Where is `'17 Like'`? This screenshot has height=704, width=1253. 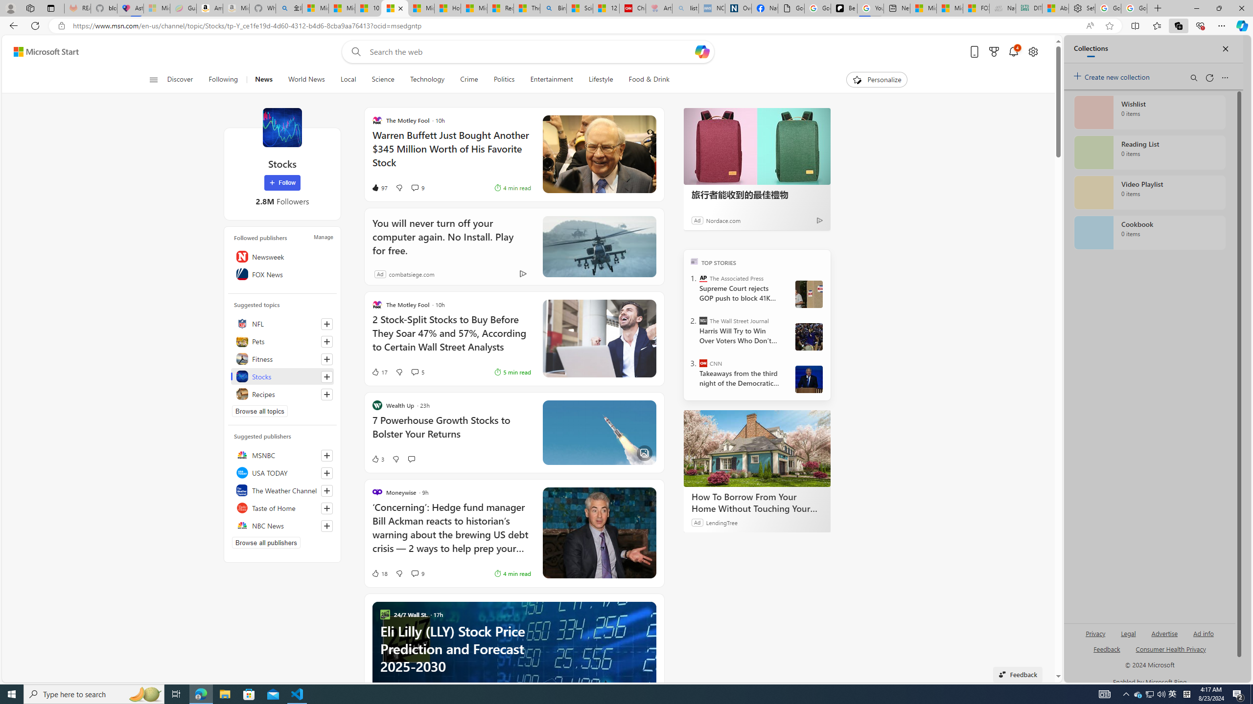
'17 Like' is located at coordinates (379, 372).